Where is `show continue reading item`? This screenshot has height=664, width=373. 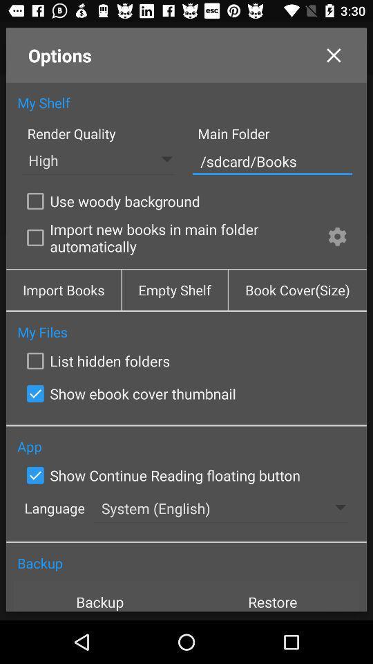 show continue reading item is located at coordinates (160, 475).